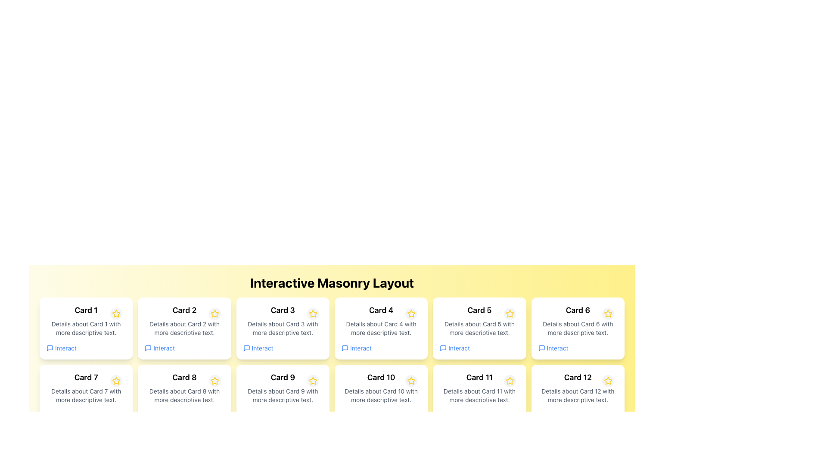  What do you see at coordinates (215, 314) in the screenshot?
I see `the rounded button with a light gray background and a yellow outlined star icon located in the top-right corner of 'Card 2'` at bounding box center [215, 314].